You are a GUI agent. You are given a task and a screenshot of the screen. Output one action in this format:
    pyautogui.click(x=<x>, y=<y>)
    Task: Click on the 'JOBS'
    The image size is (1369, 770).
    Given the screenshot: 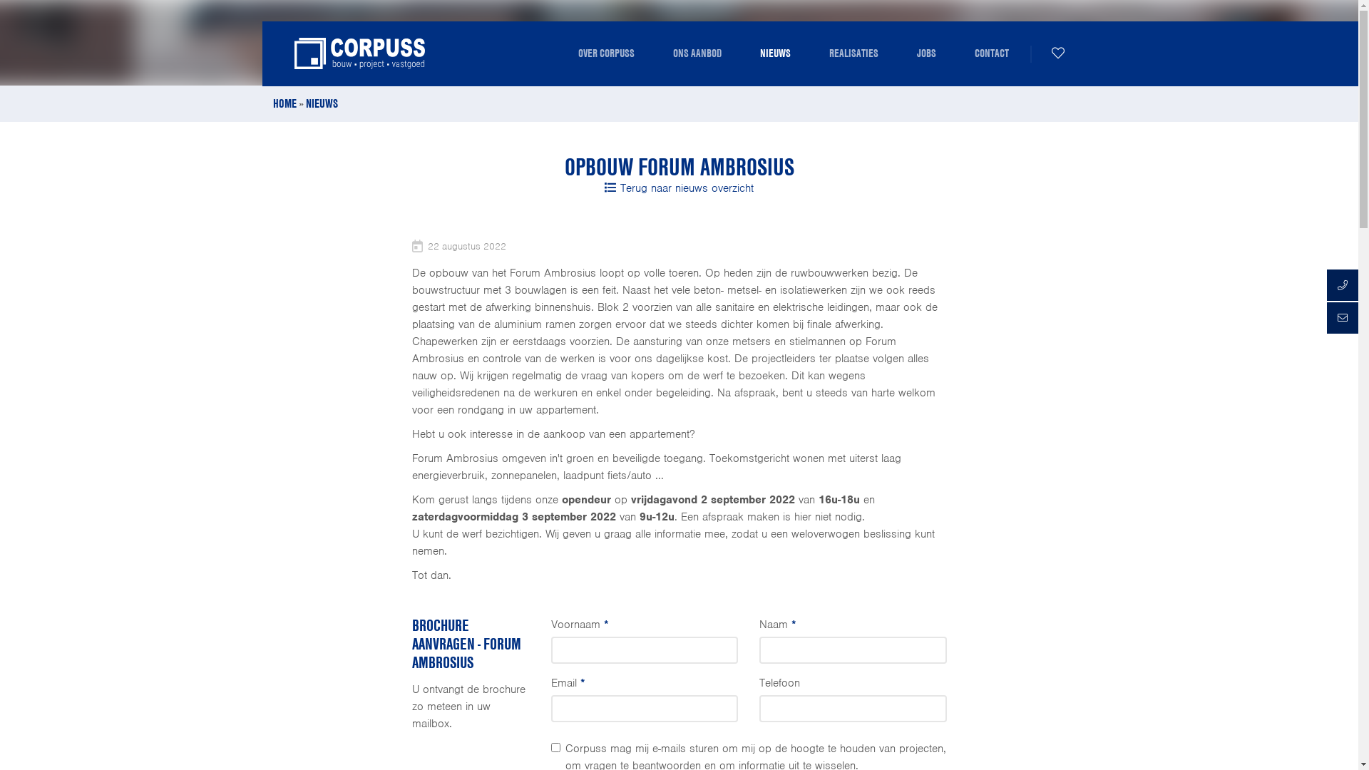 What is the action you would take?
    pyautogui.click(x=926, y=52)
    